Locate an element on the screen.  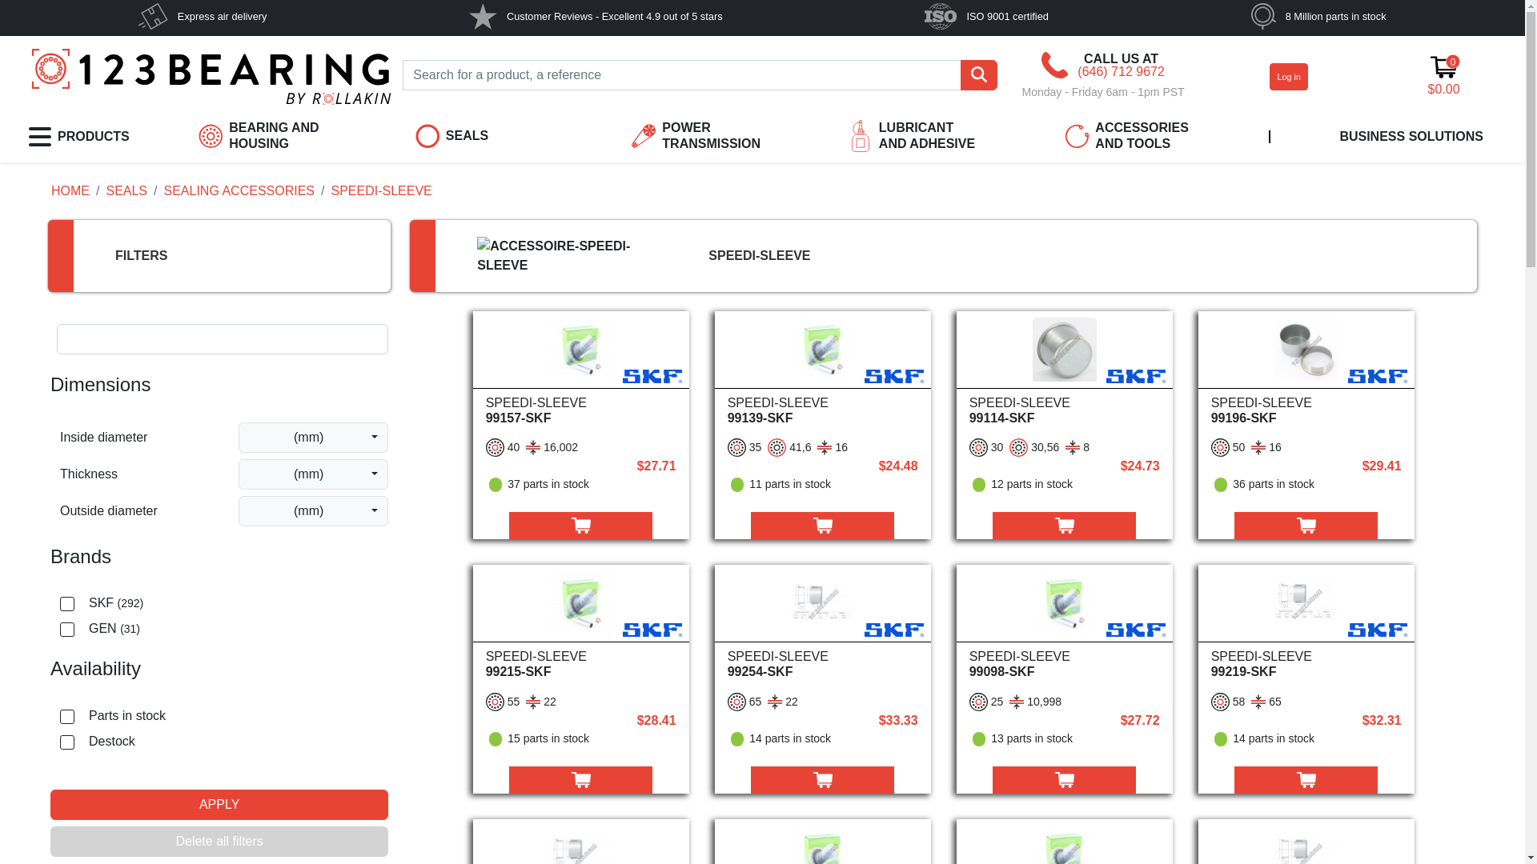
'SPEEDI-SLEEVE is located at coordinates (1306, 662).